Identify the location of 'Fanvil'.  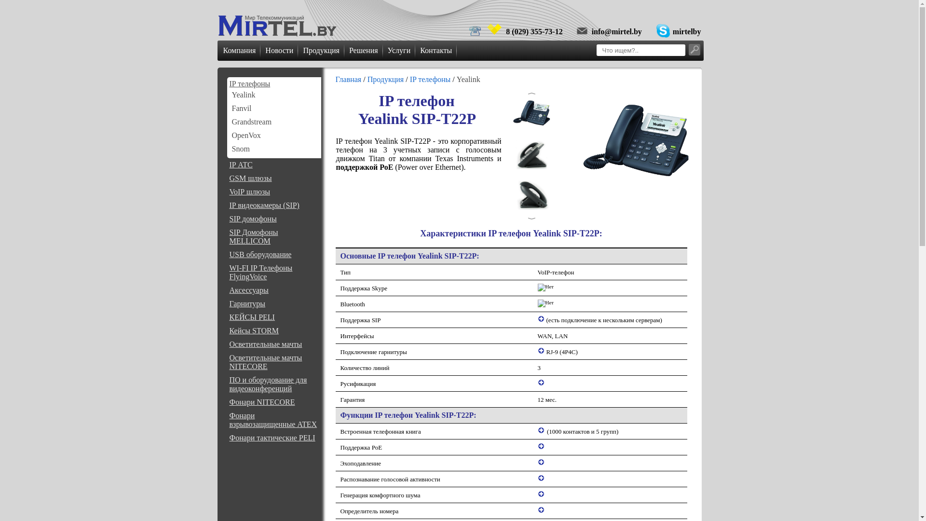
(241, 108).